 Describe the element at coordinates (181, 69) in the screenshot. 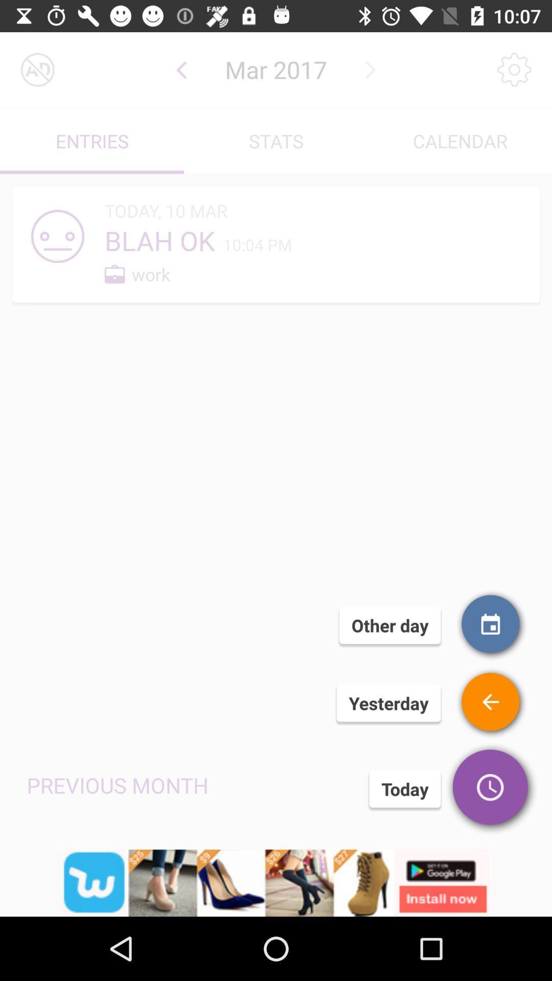

I see `previous date` at that location.